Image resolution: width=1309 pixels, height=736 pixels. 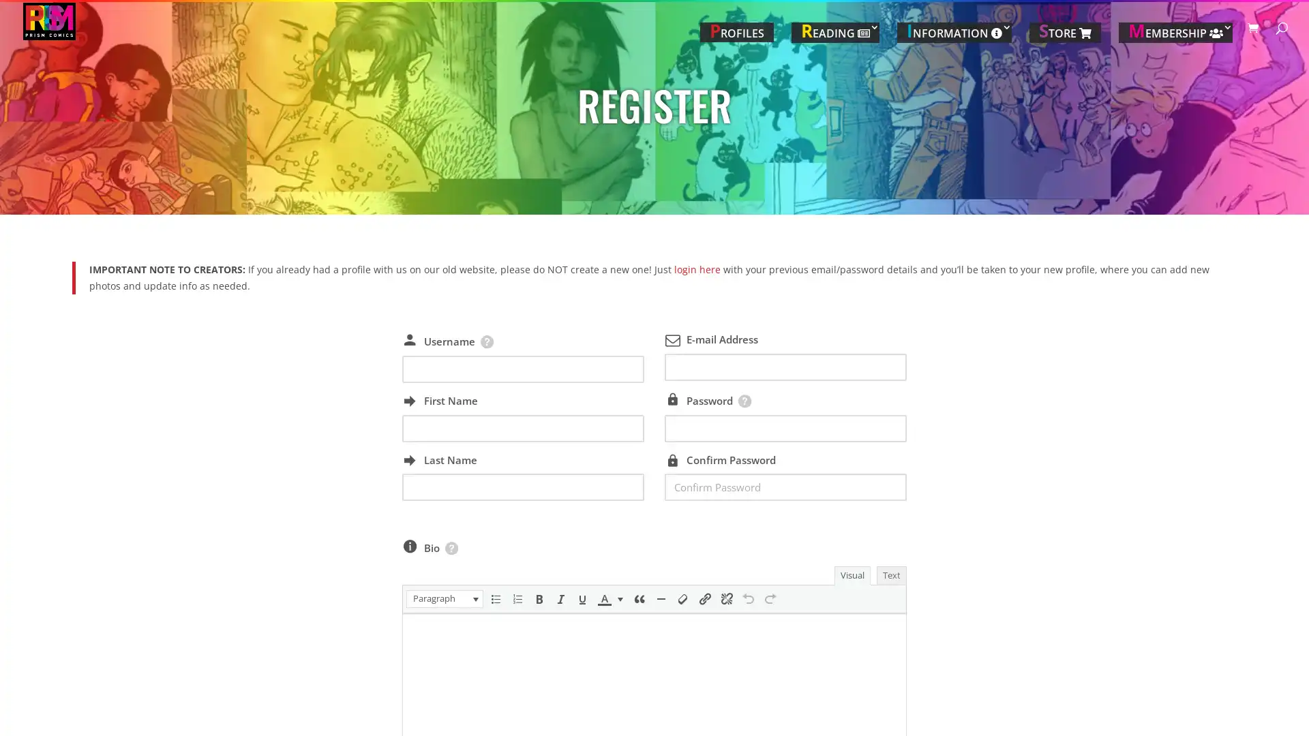 I want to click on Blockquote (Q), so click(x=637, y=598).